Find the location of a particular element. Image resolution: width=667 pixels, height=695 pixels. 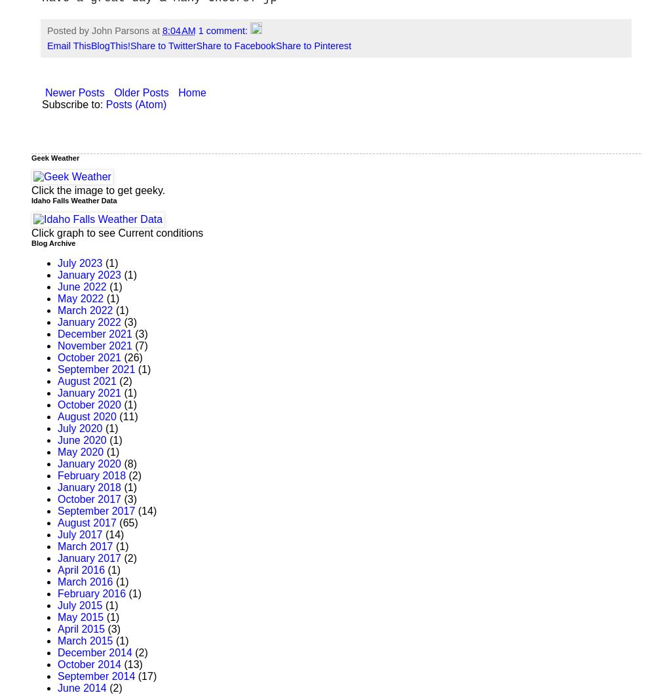

'February 2016' is located at coordinates (57, 593).